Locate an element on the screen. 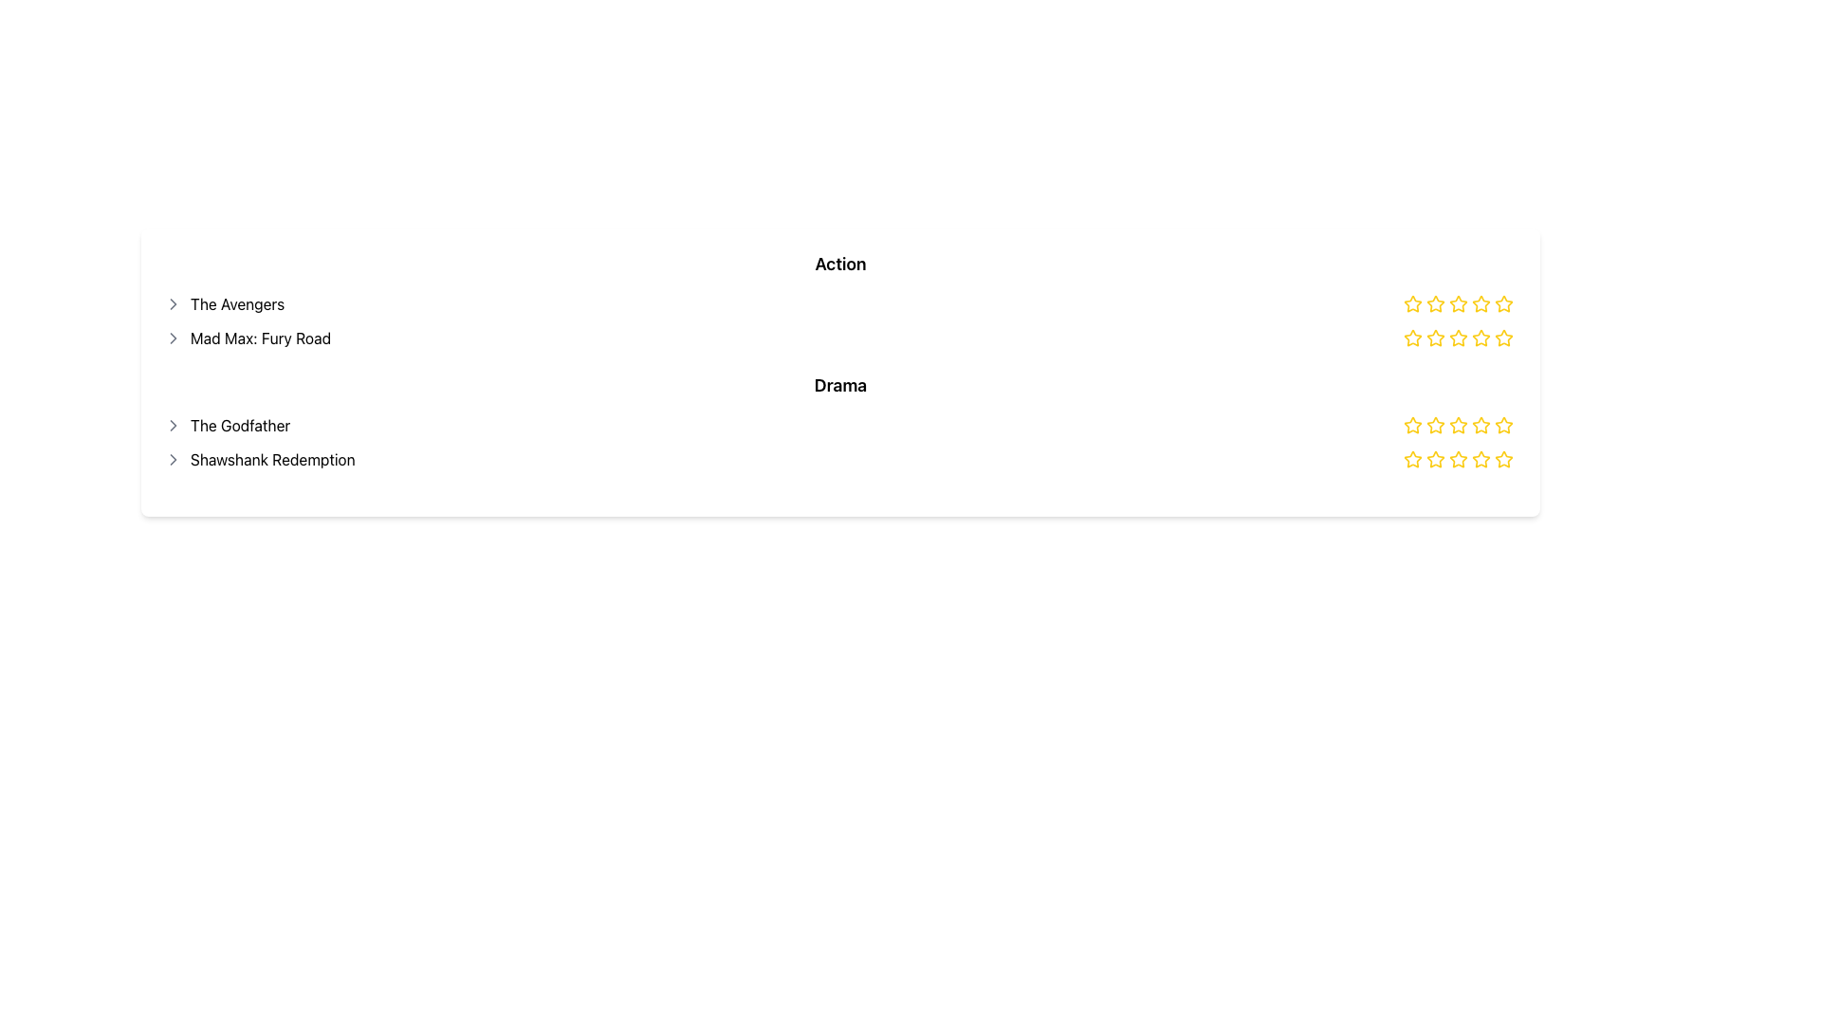 The height and width of the screenshot is (1024, 1821). the sixth Rating Star Icon in the row is located at coordinates (1480, 338).